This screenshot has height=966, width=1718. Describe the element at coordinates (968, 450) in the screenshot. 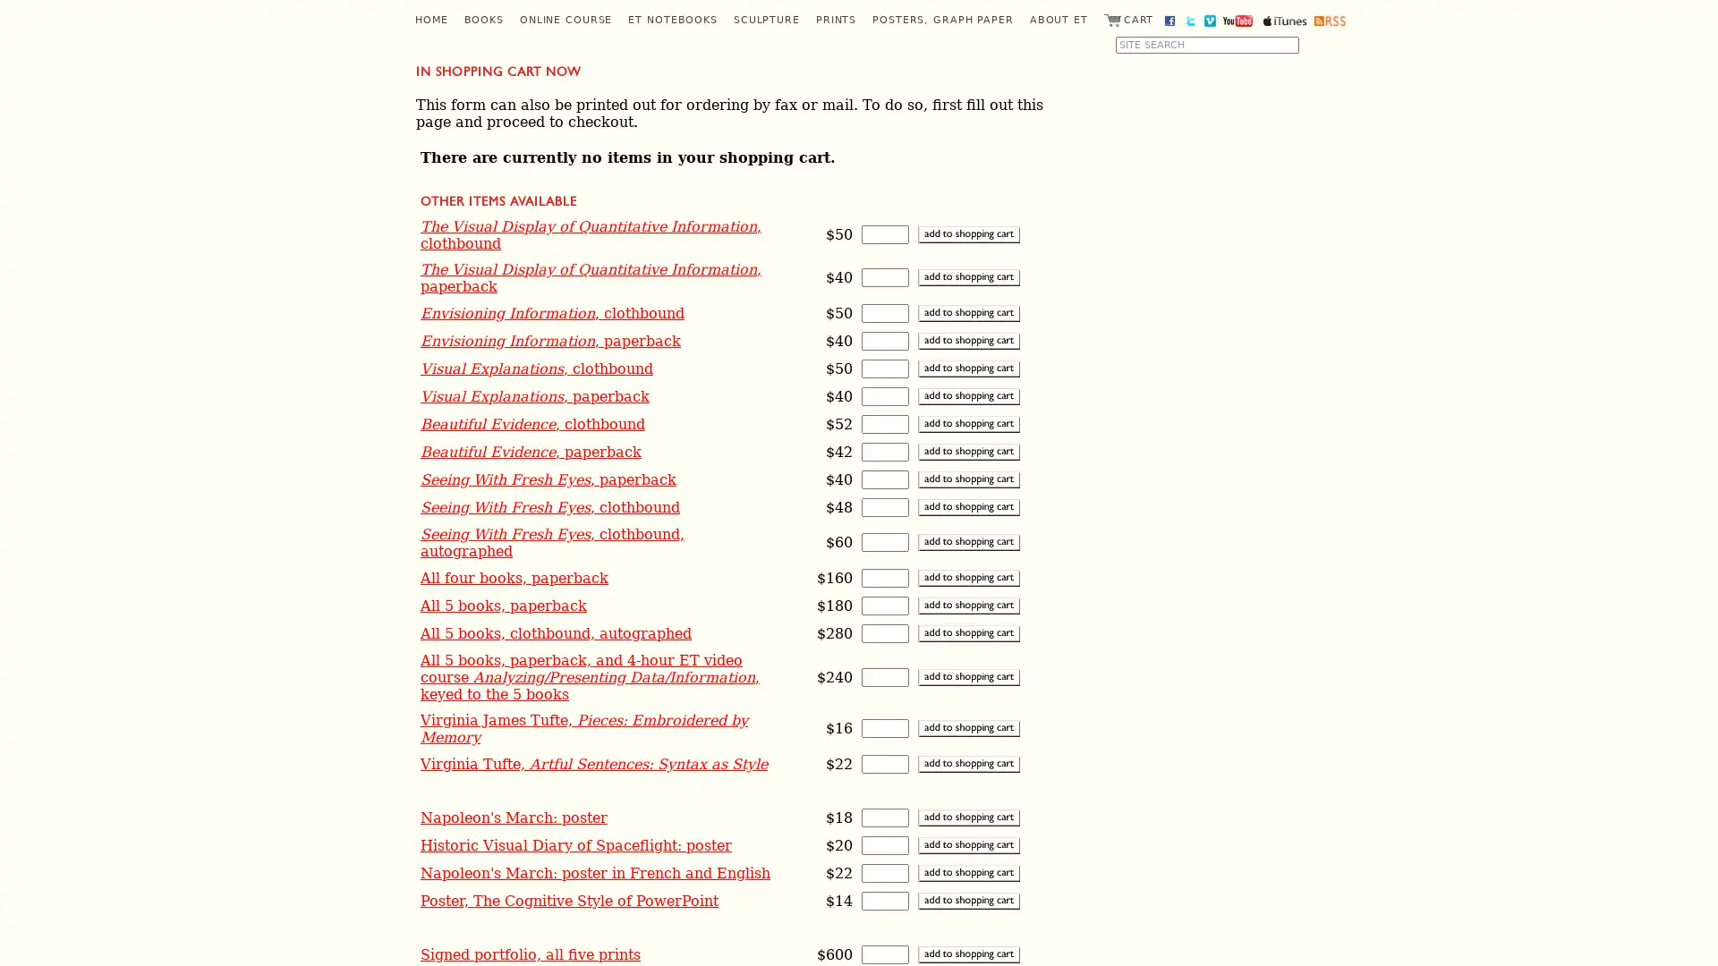

I see `add to shopping cart` at that location.